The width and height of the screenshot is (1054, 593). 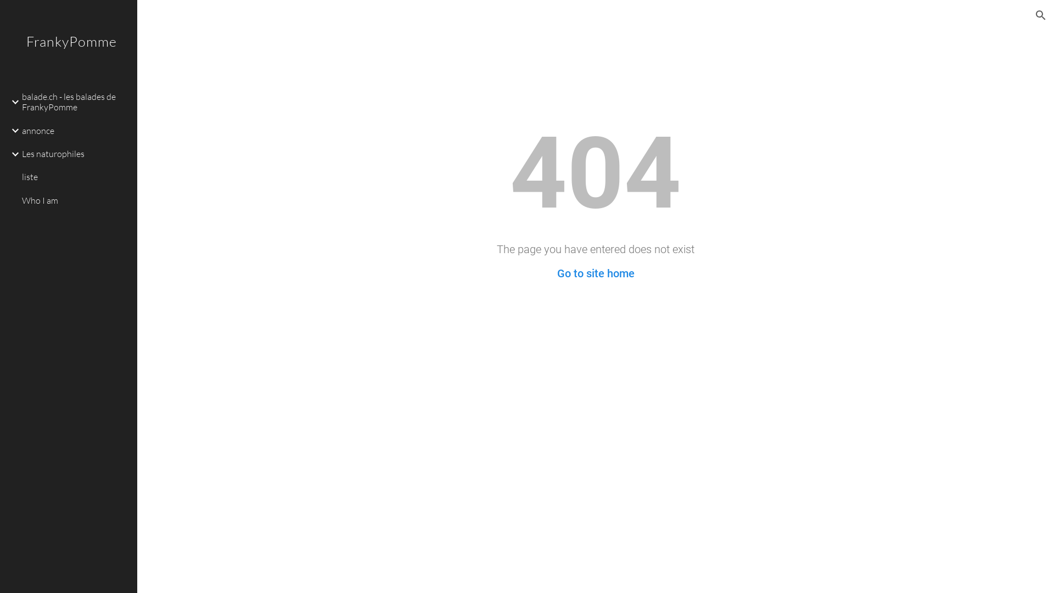 What do you see at coordinates (75, 154) in the screenshot?
I see `'Les naturophiles'` at bounding box center [75, 154].